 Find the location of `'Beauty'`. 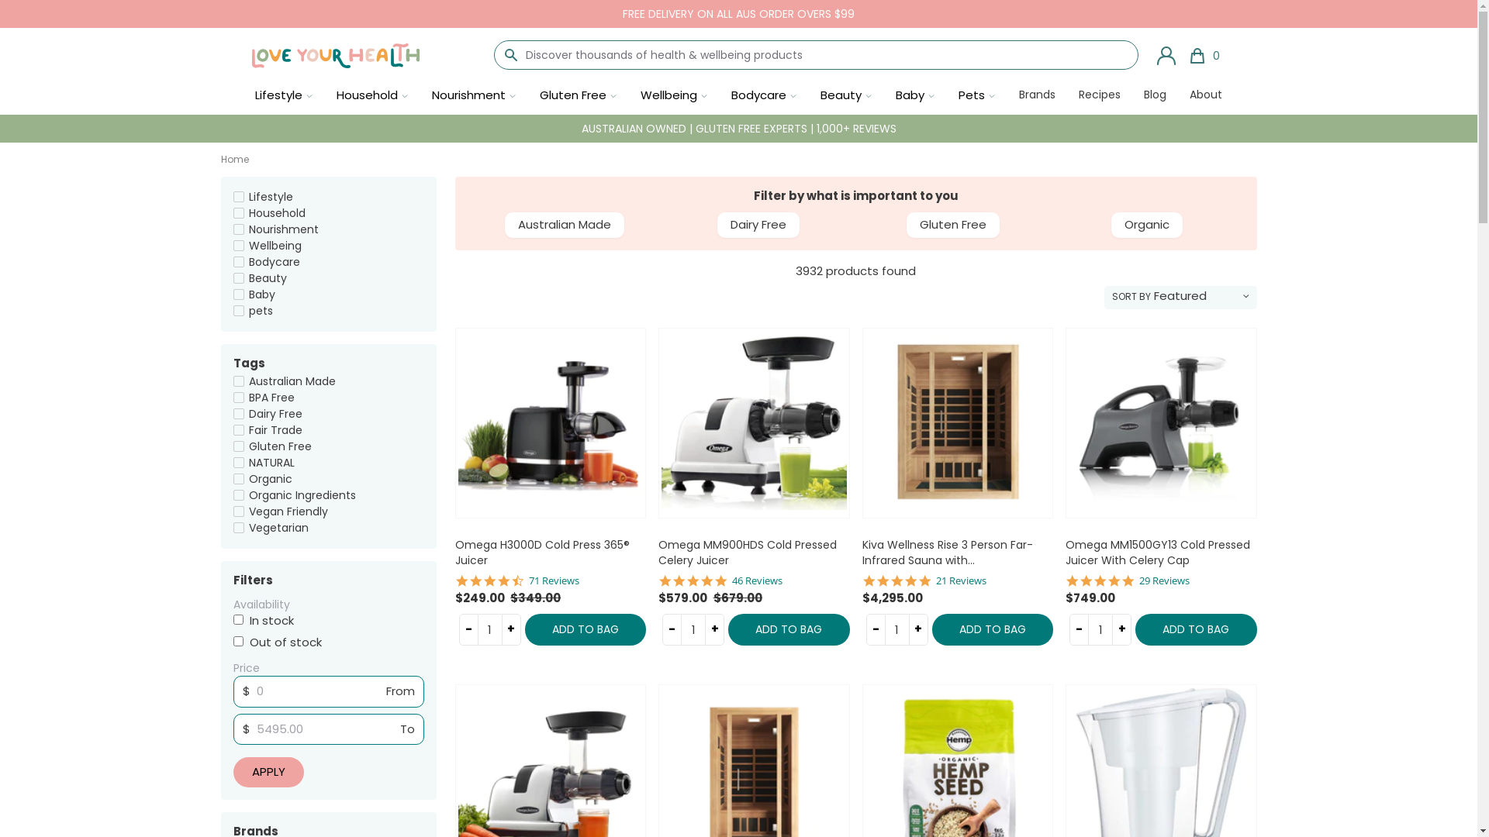

'Beauty' is located at coordinates (817, 95).